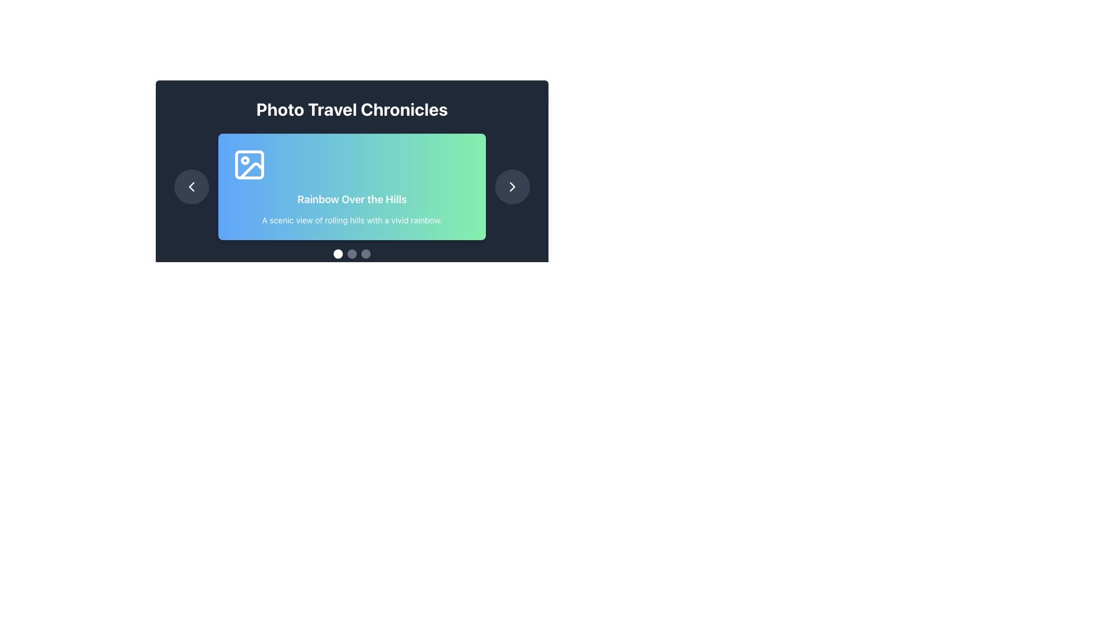 The image size is (1112, 625). What do you see at coordinates (338, 253) in the screenshot?
I see `the leftmost Carousel Indicator, which is a small circular icon with a white background and solid border` at bounding box center [338, 253].